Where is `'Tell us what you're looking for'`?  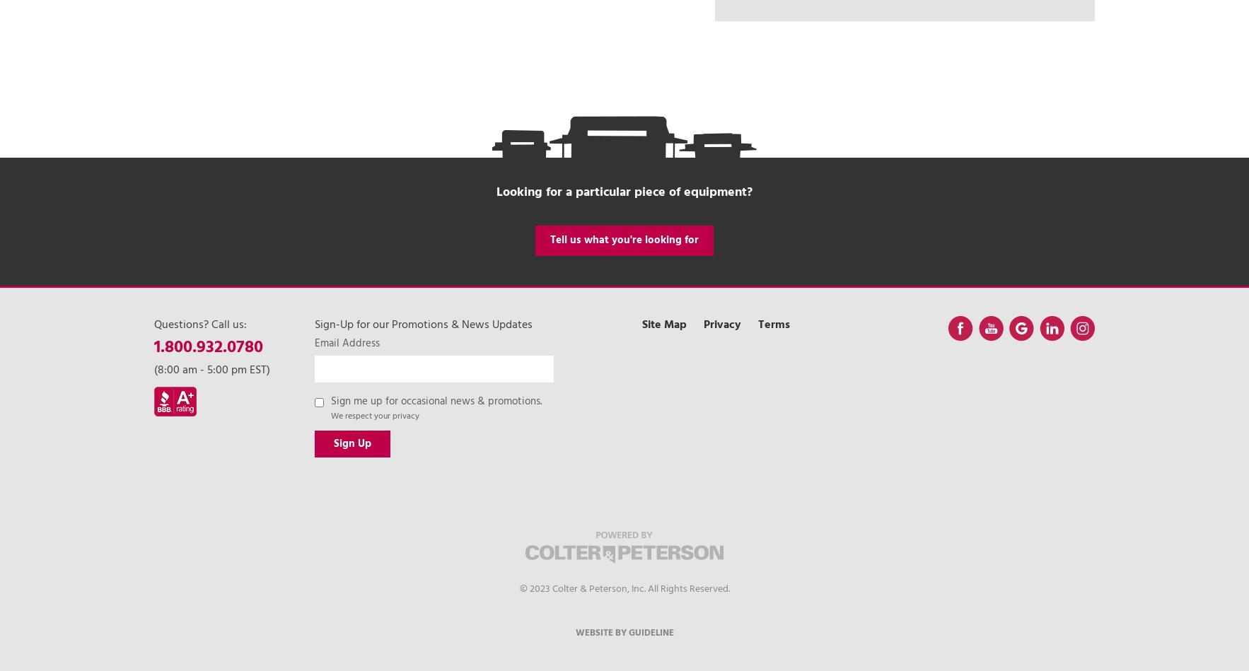 'Tell us what you're looking for' is located at coordinates (550, 239).